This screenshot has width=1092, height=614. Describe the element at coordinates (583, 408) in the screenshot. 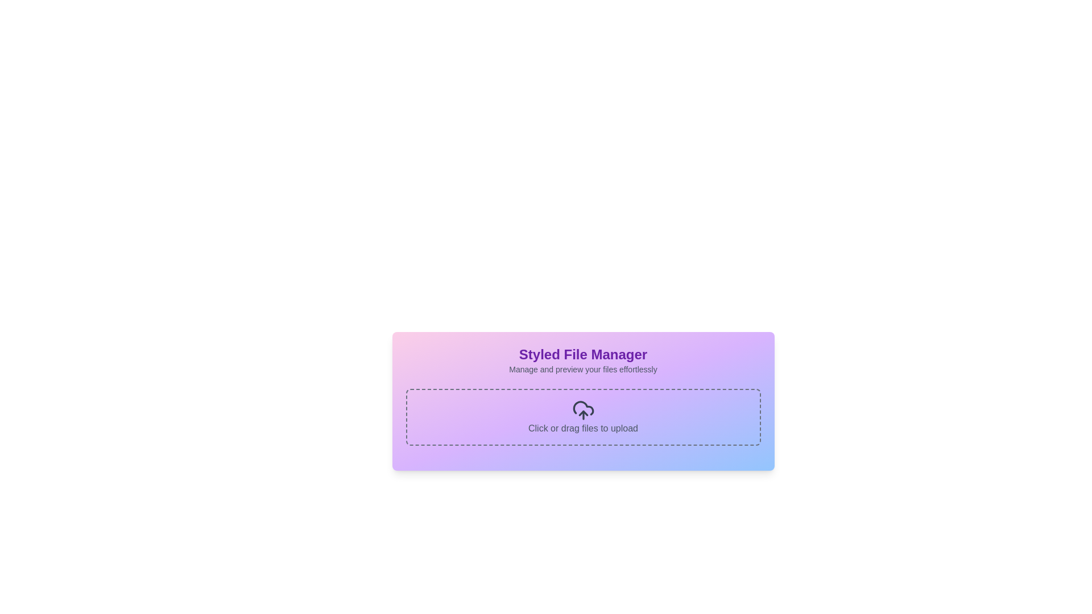

I see `the cloud-shaped icon with a gray outline, located centrally within the dashed rectangular region designated for file uploads, for visual cues` at that location.